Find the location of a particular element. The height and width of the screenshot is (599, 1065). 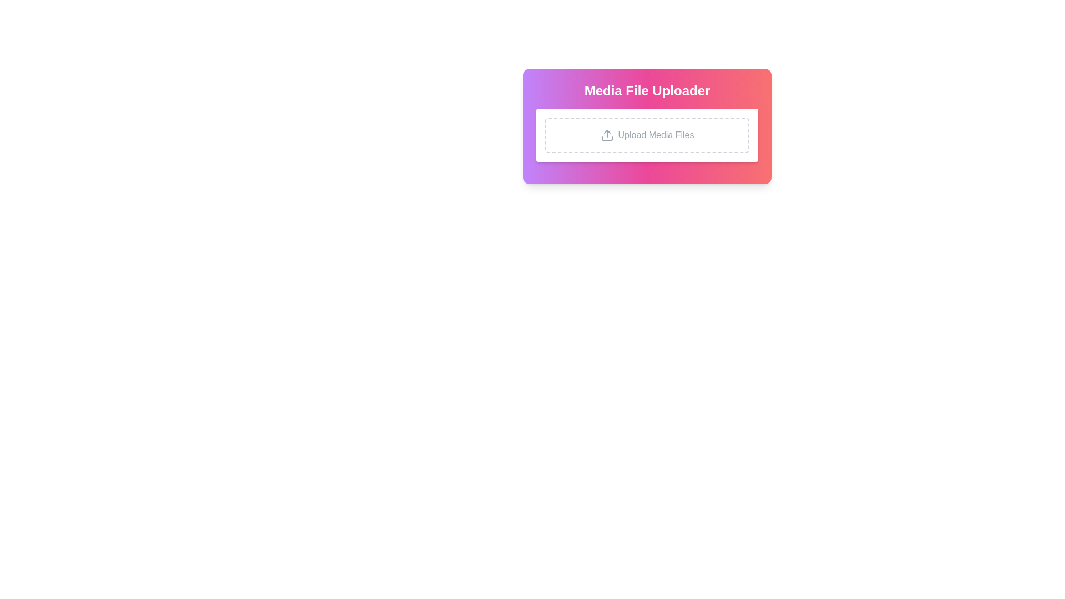

label that says 'Upload Media Files' within the dashed-bordered rectangular area in the 'Media File Uploader' card is located at coordinates (656, 134).